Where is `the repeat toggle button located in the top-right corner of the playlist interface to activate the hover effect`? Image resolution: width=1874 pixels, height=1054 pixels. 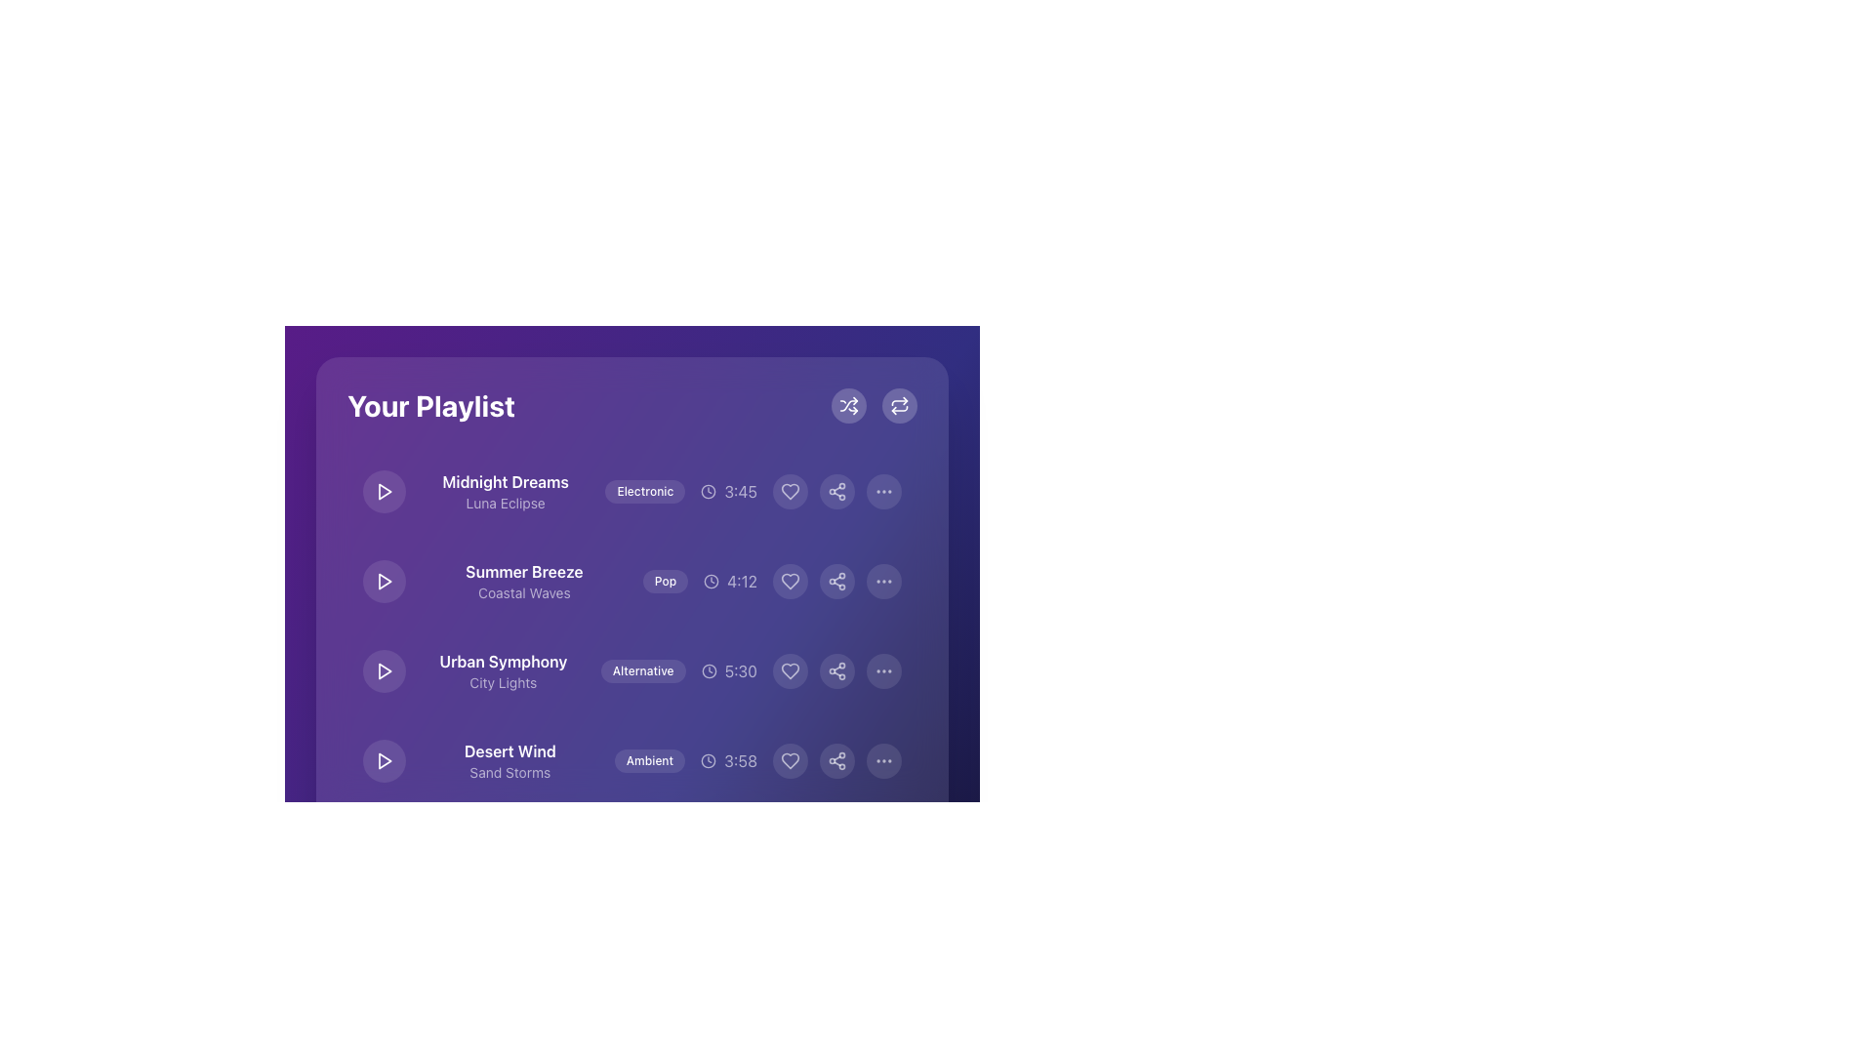 the repeat toggle button located in the top-right corner of the playlist interface to activate the hover effect is located at coordinates (898, 405).